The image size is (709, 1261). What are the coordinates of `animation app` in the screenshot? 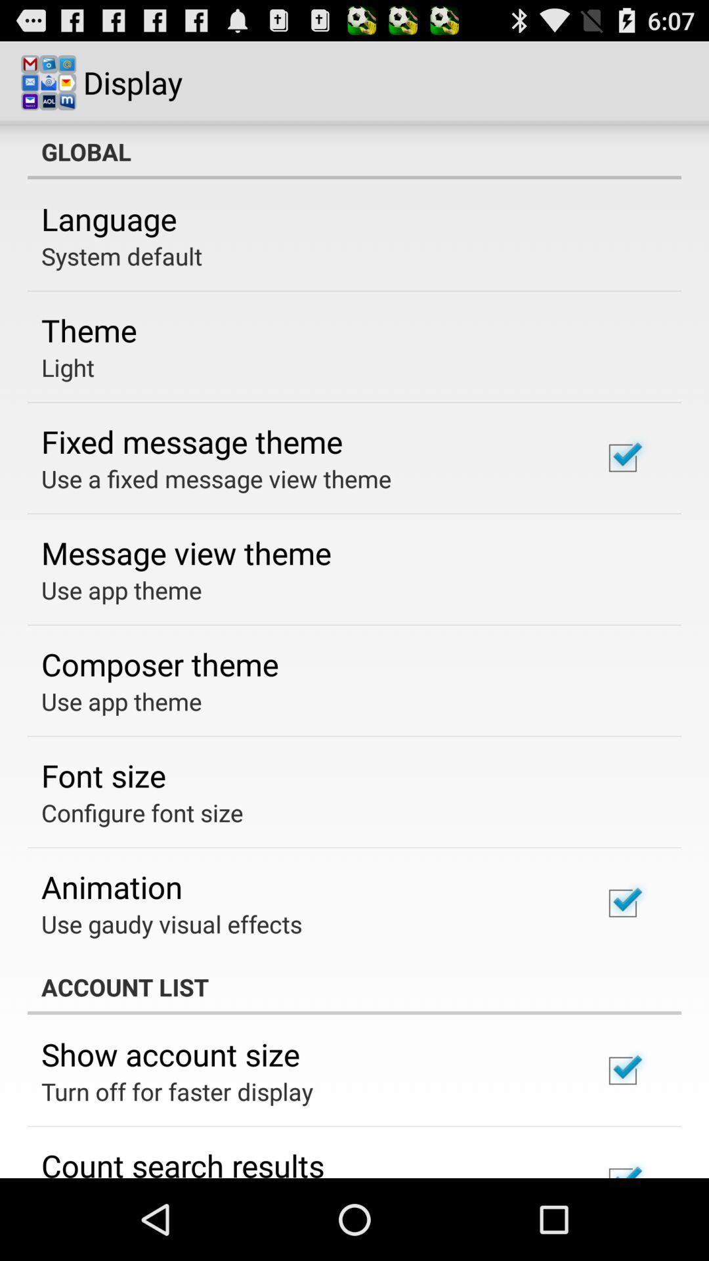 It's located at (111, 887).